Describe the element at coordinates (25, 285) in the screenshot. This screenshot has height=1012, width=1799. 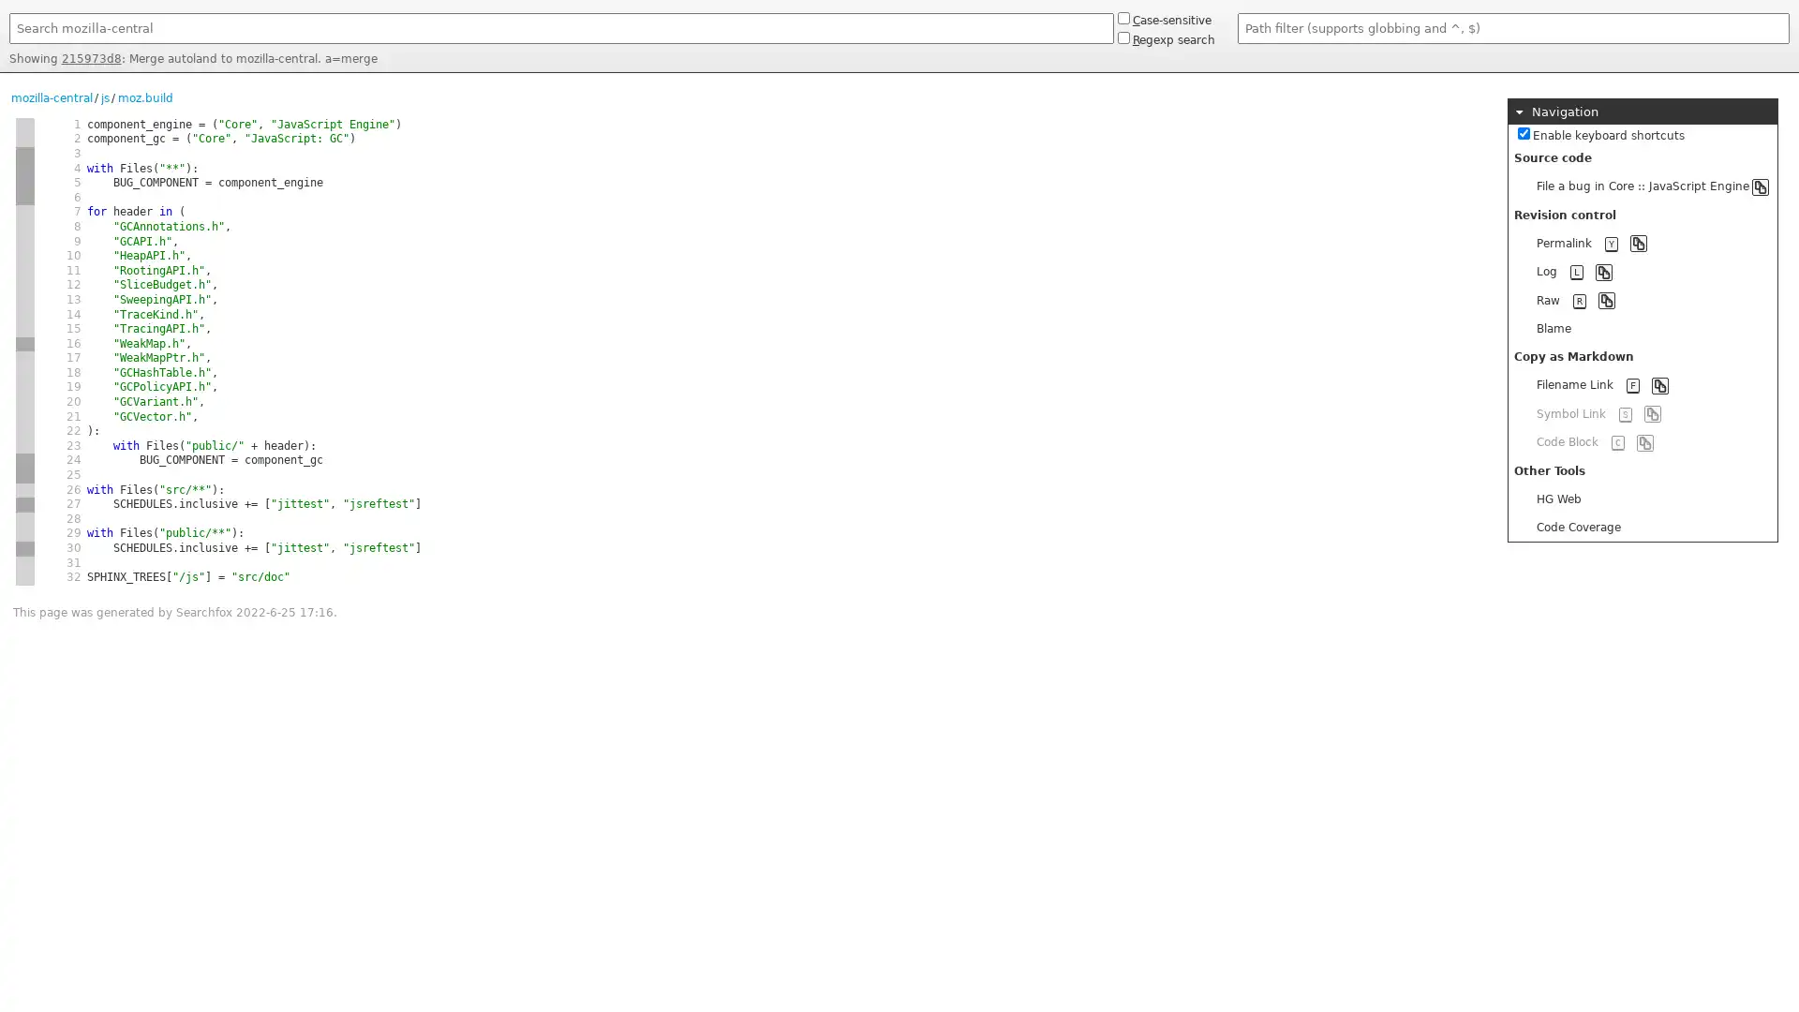
I see `same hash 1` at that location.